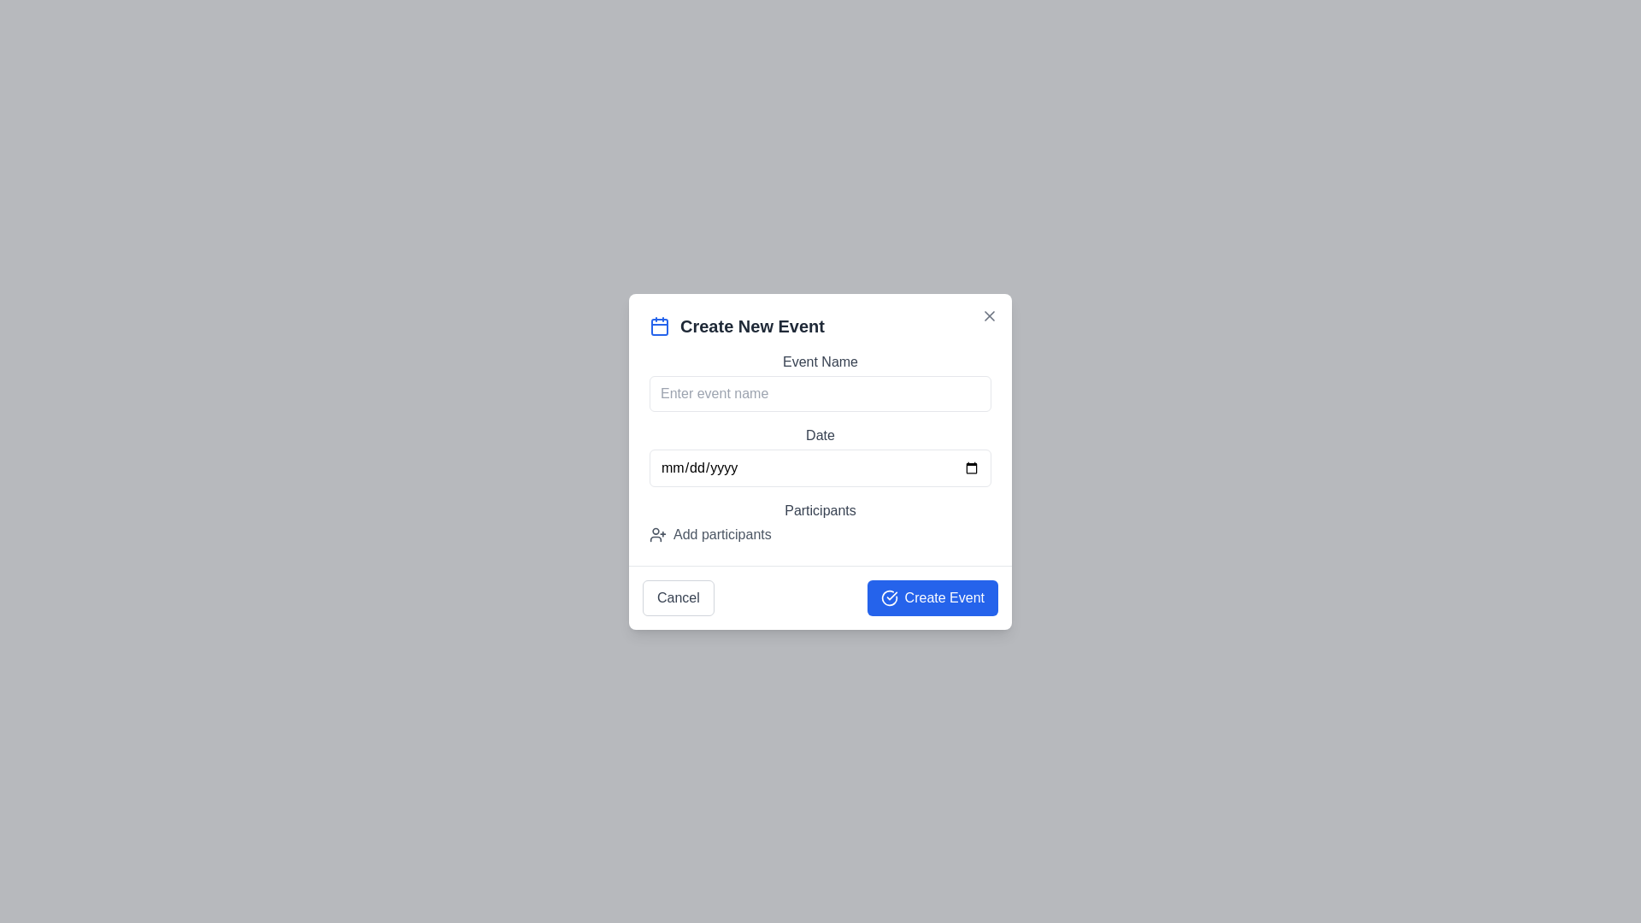  I want to click on the 'Cancel' button located at the bottom left corner of the modal, so click(677, 597).